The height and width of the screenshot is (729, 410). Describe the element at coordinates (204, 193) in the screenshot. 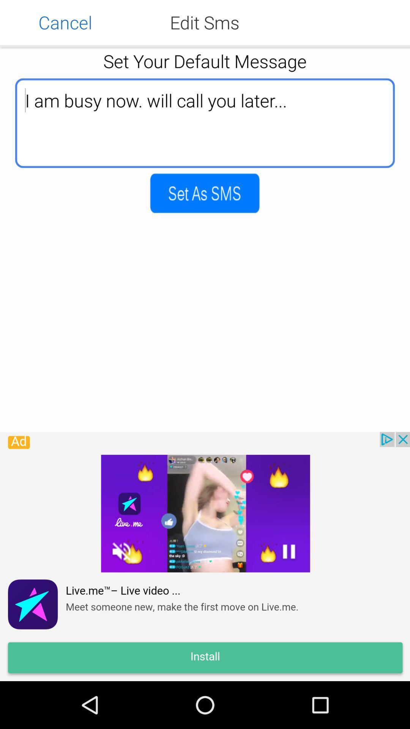

I see `type as sms page` at that location.